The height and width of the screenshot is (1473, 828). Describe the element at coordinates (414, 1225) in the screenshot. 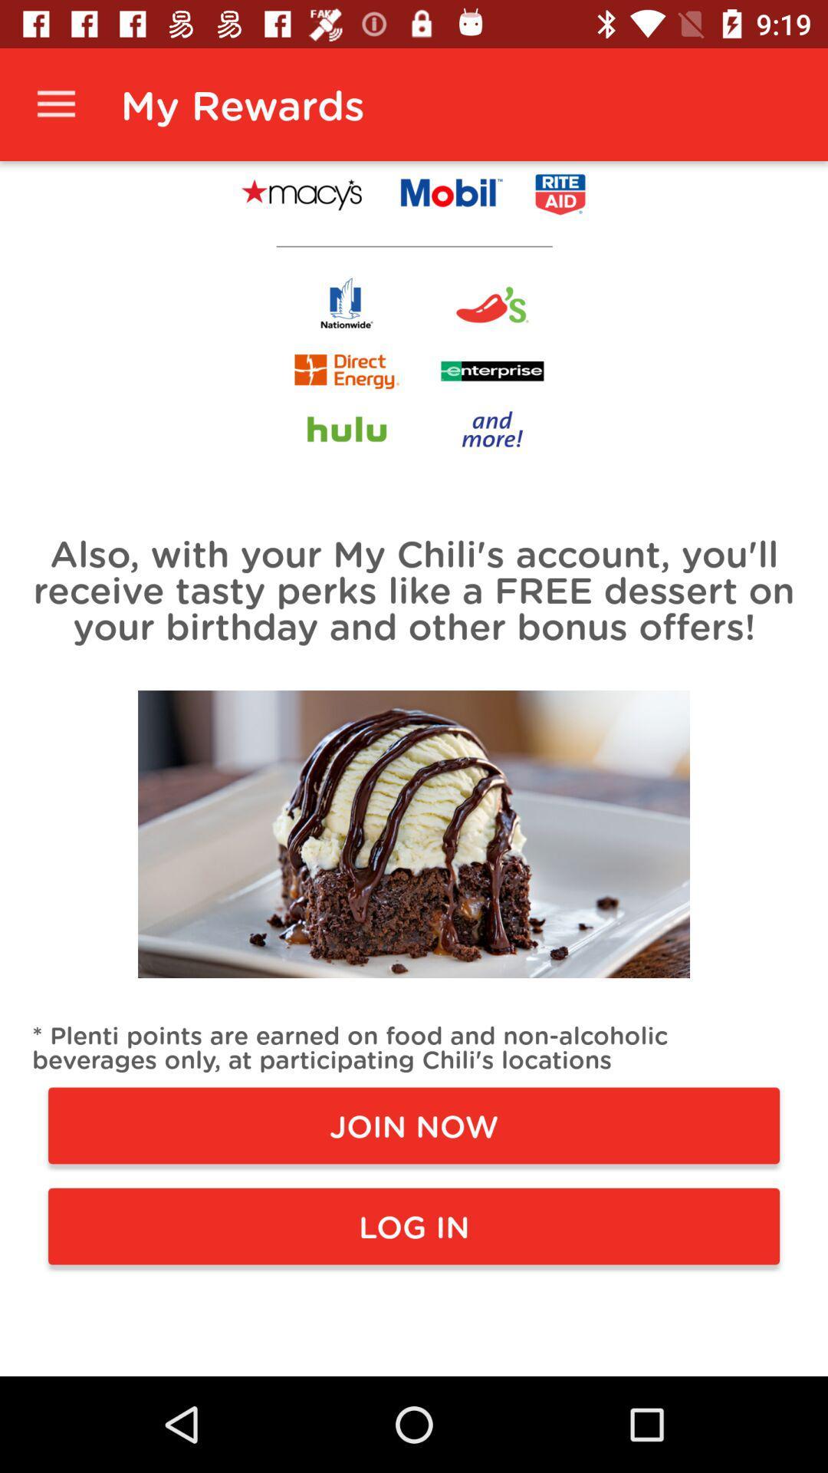

I see `the log in item` at that location.